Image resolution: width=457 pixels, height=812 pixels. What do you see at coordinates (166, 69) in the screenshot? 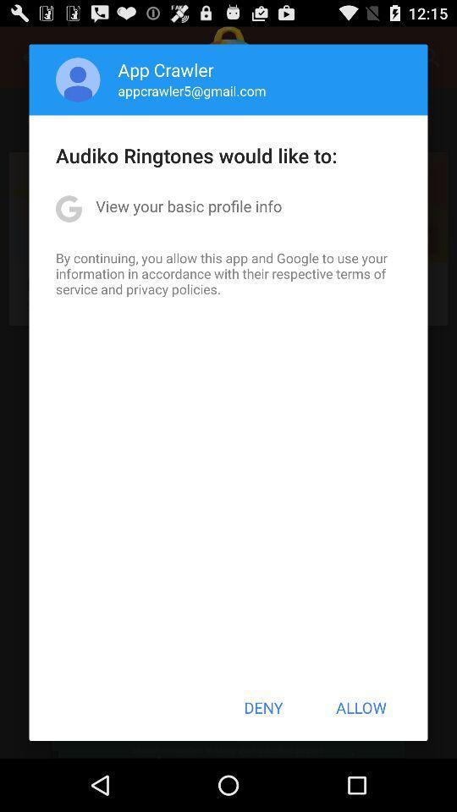
I see `the app crawler` at bounding box center [166, 69].